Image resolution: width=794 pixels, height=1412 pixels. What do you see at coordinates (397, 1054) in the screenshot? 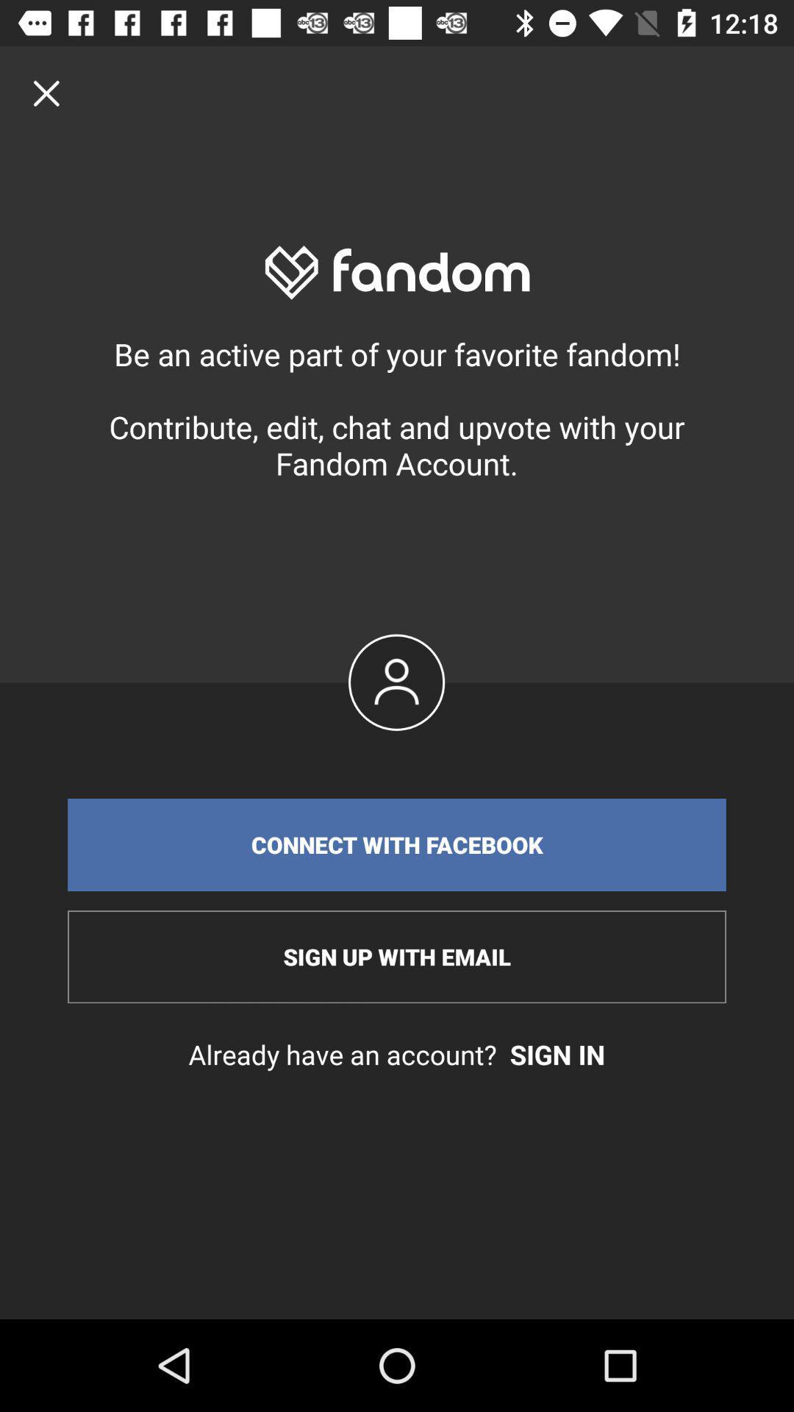
I see `already have an icon` at bounding box center [397, 1054].